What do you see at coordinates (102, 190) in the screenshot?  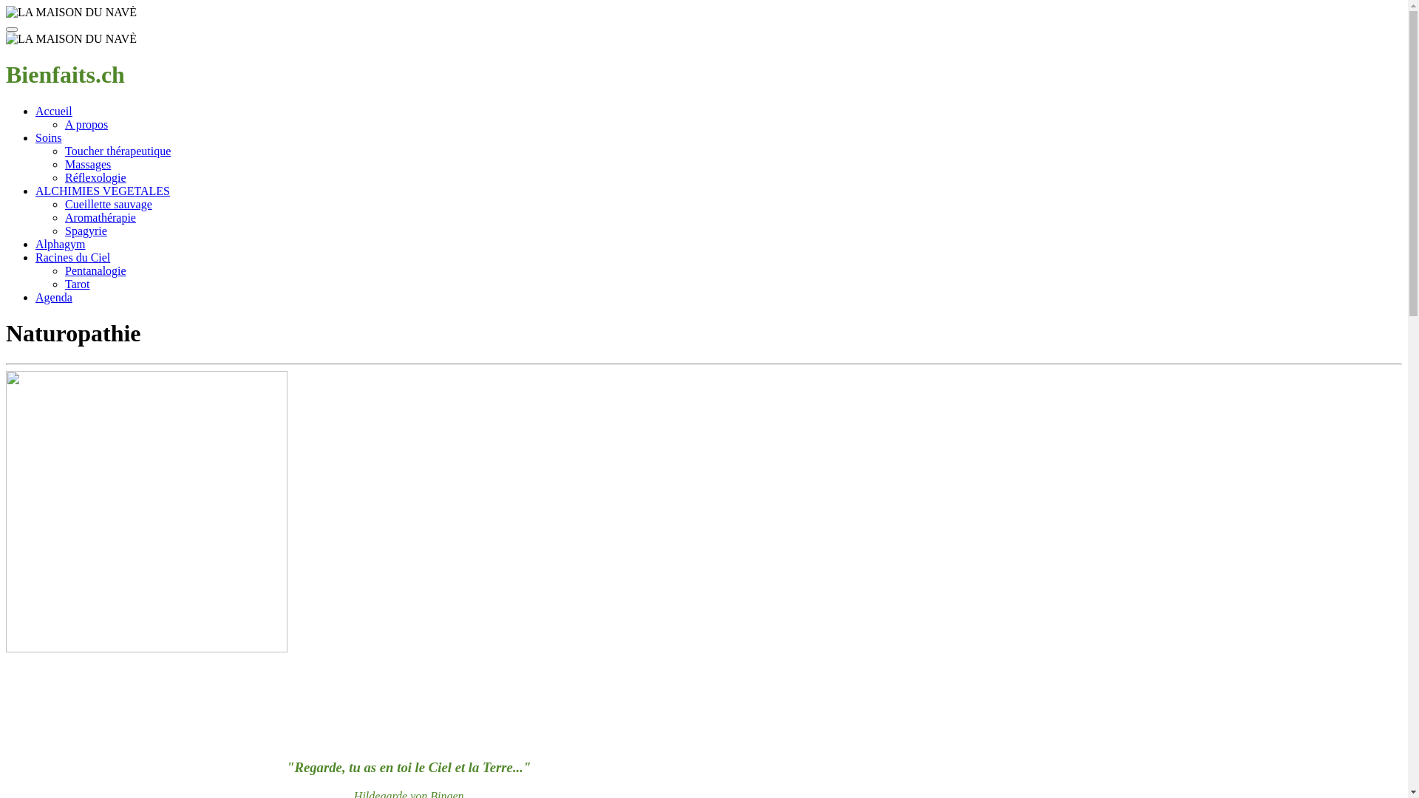 I see `'ALCHIMIES VEGETALES'` at bounding box center [102, 190].